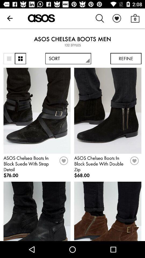  What do you see at coordinates (20, 59) in the screenshot?
I see `more information` at bounding box center [20, 59].